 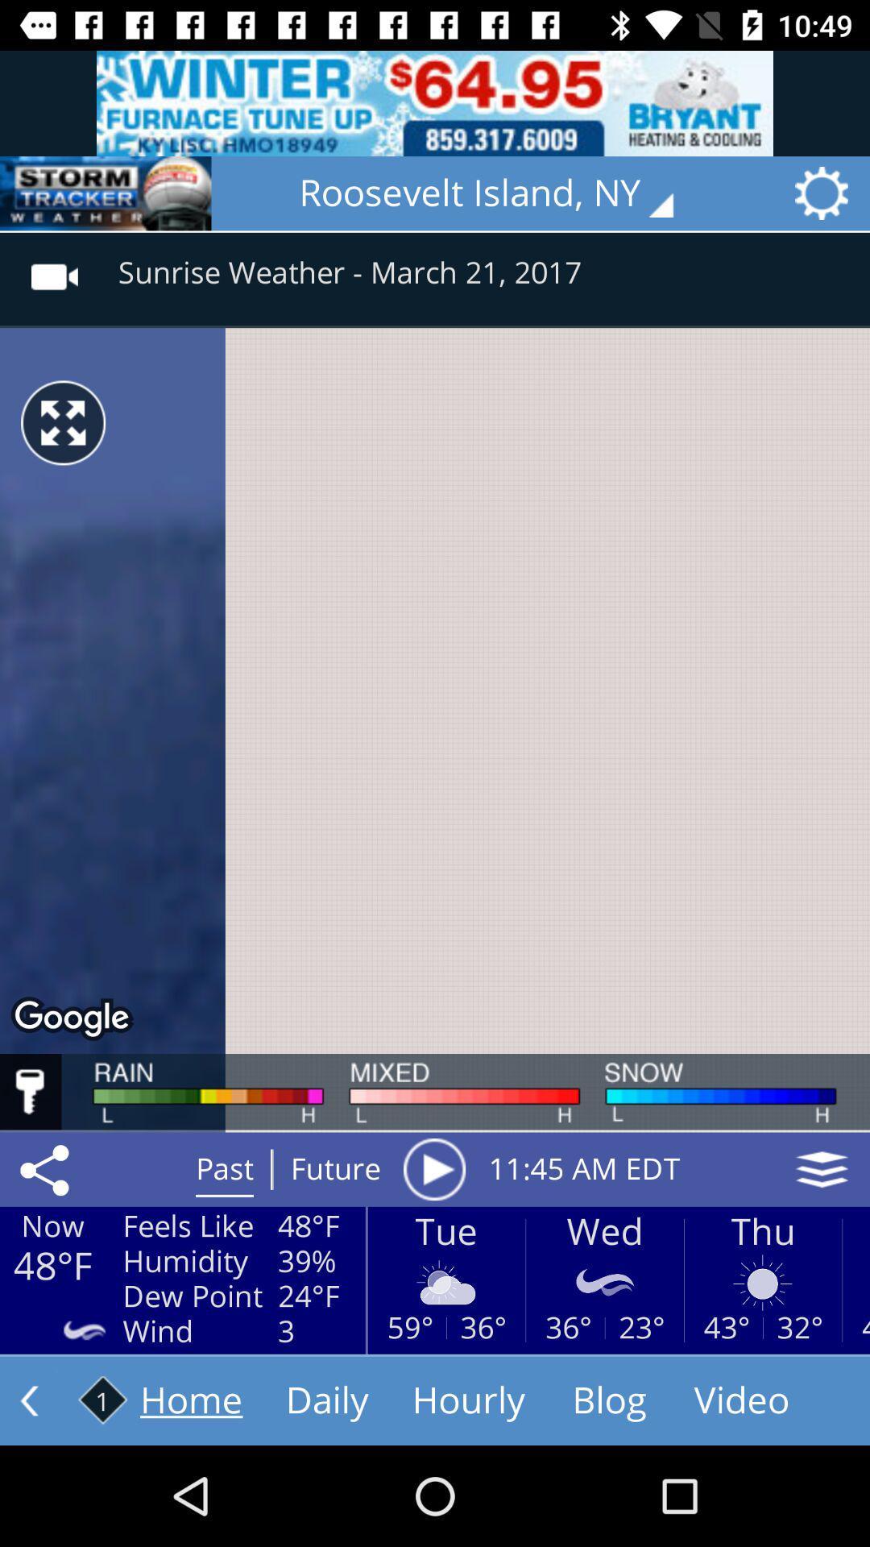 I want to click on the share icon, so click(x=47, y=1169).